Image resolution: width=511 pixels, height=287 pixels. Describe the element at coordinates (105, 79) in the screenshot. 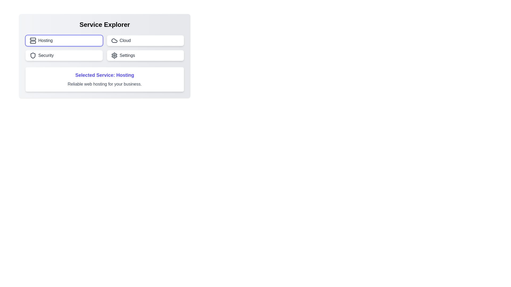

I see `the informational content box located beneath the 'Service Explorer' section, which displays the currently selected service and its description` at that location.